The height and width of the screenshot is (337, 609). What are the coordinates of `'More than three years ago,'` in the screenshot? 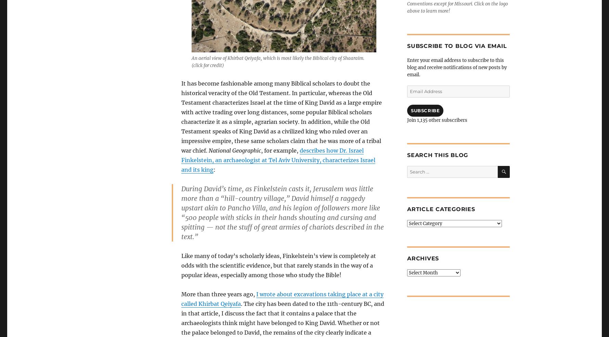 It's located at (219, 294).